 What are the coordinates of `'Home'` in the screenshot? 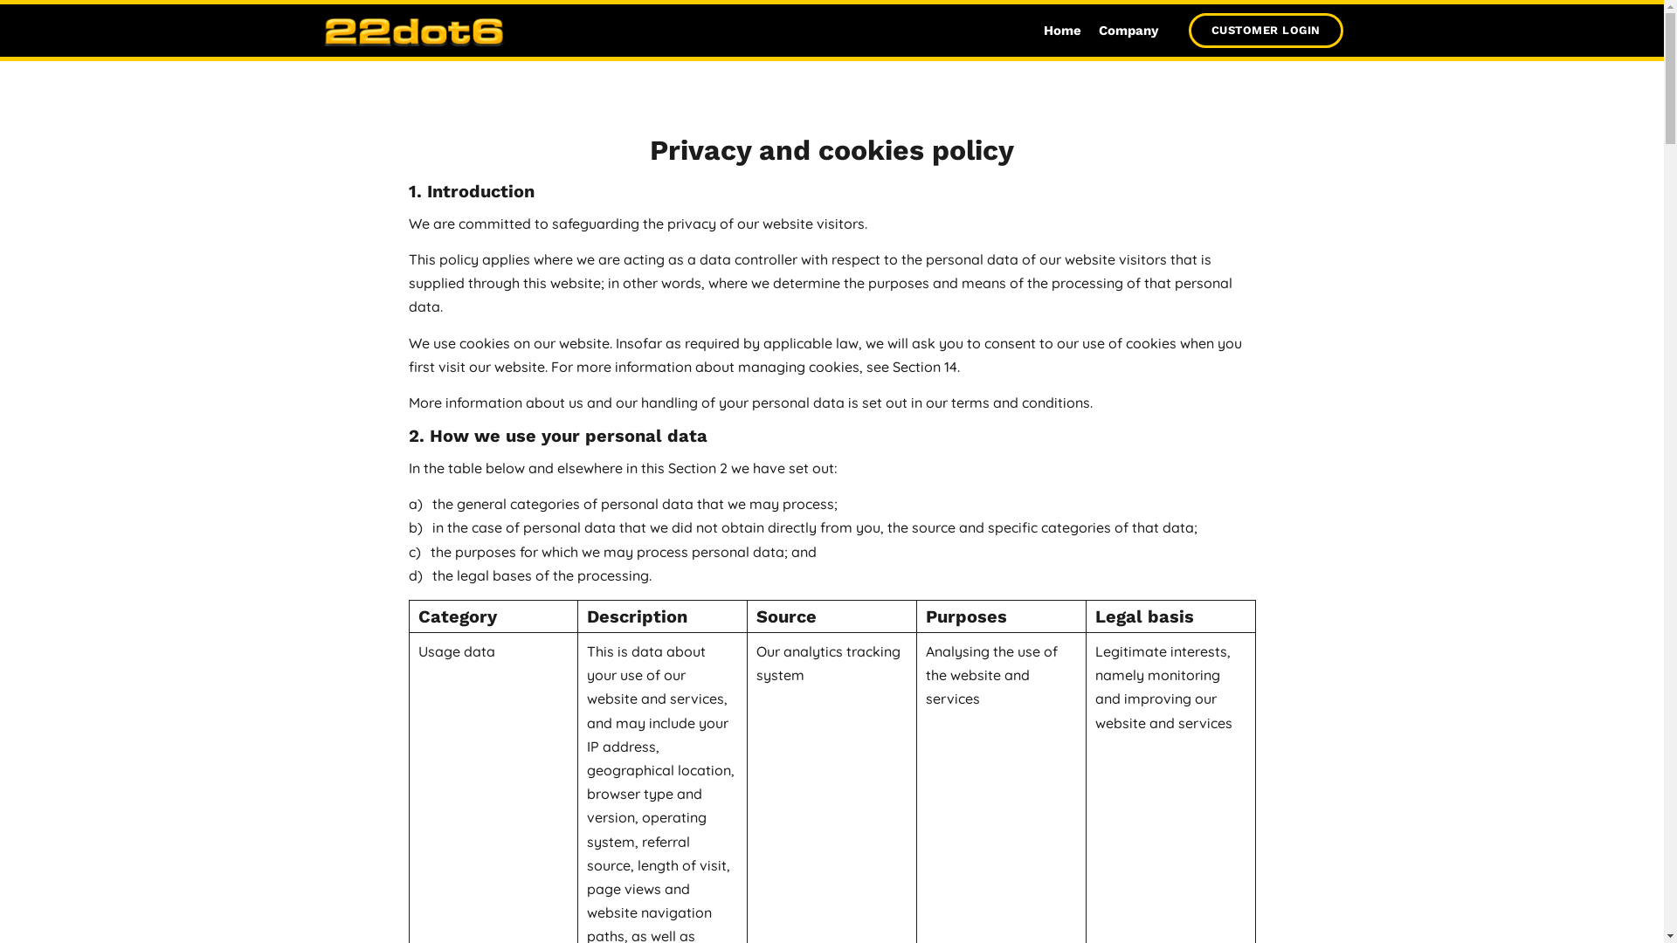 It's located at (1039, 30).